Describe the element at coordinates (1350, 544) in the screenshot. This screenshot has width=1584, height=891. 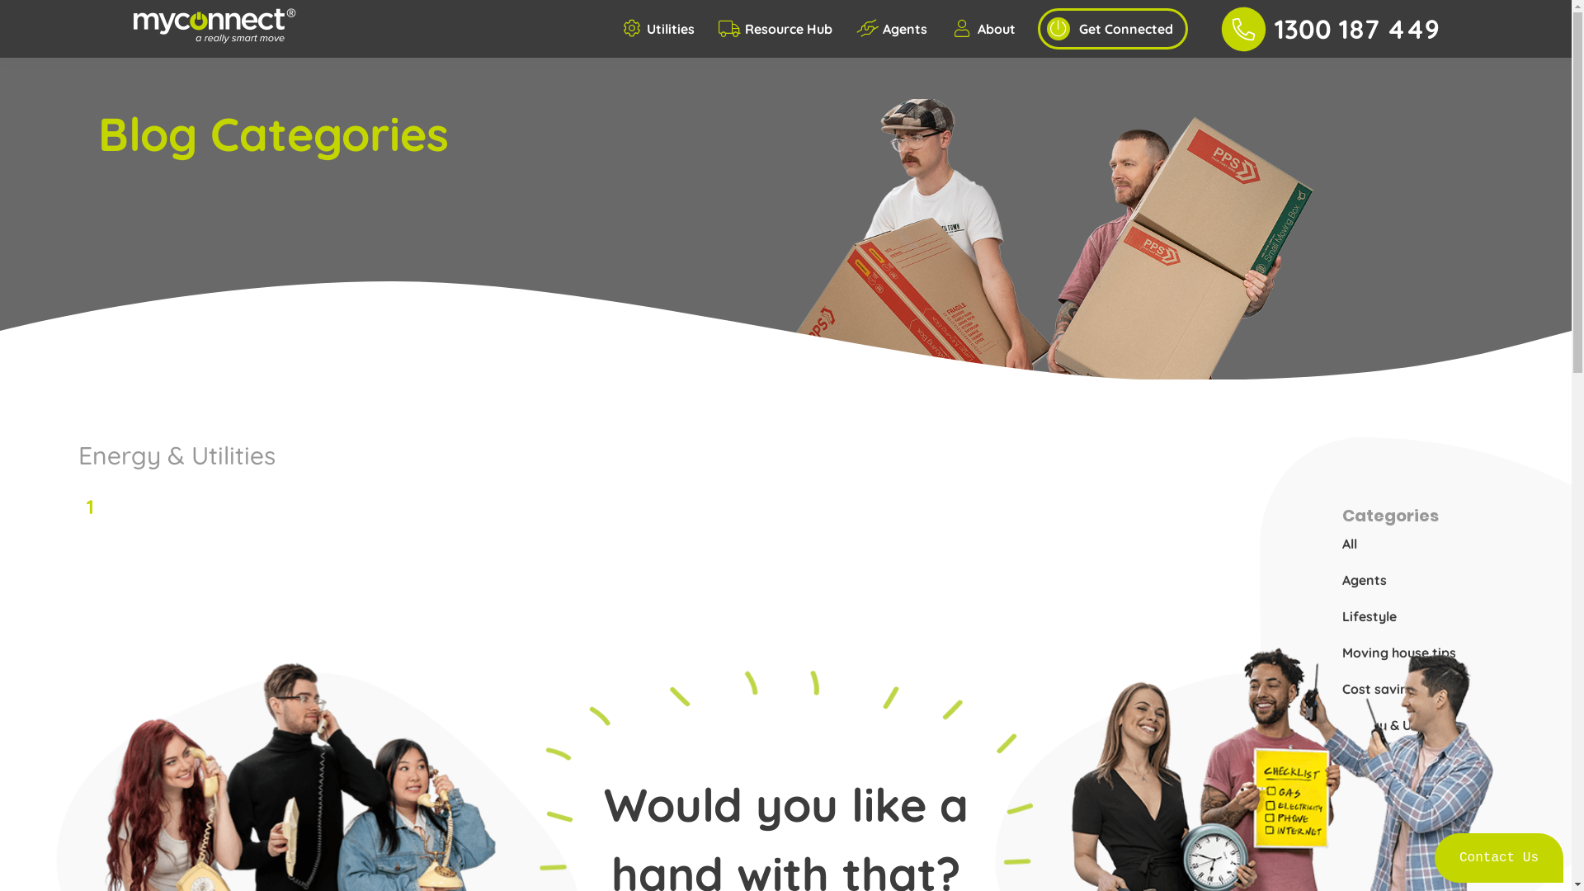
I see `'All'` at that location.